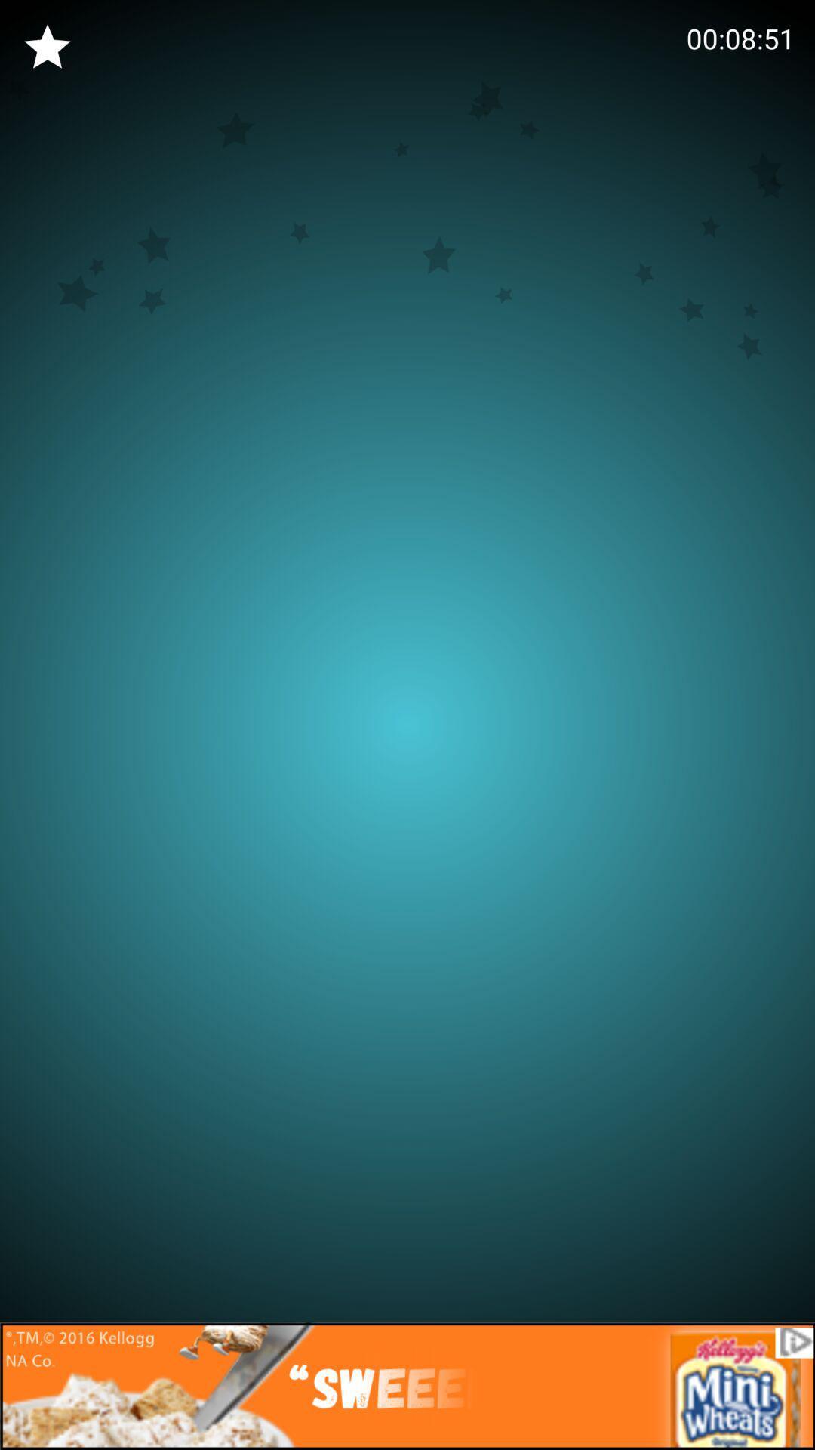 This screenshot has width=815, height=1450. I want to click on mark as favorite, so click(46, 47).